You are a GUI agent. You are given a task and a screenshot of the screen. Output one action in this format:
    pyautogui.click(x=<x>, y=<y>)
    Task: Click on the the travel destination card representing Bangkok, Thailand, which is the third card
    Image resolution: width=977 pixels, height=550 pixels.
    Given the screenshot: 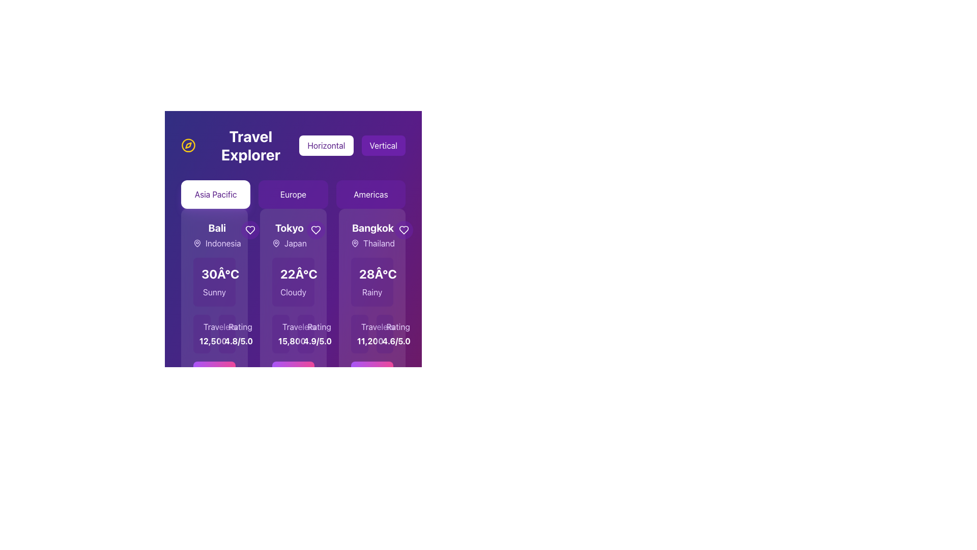 What is the action you would take?
    pyautogui.click(x=371, y=309)
    